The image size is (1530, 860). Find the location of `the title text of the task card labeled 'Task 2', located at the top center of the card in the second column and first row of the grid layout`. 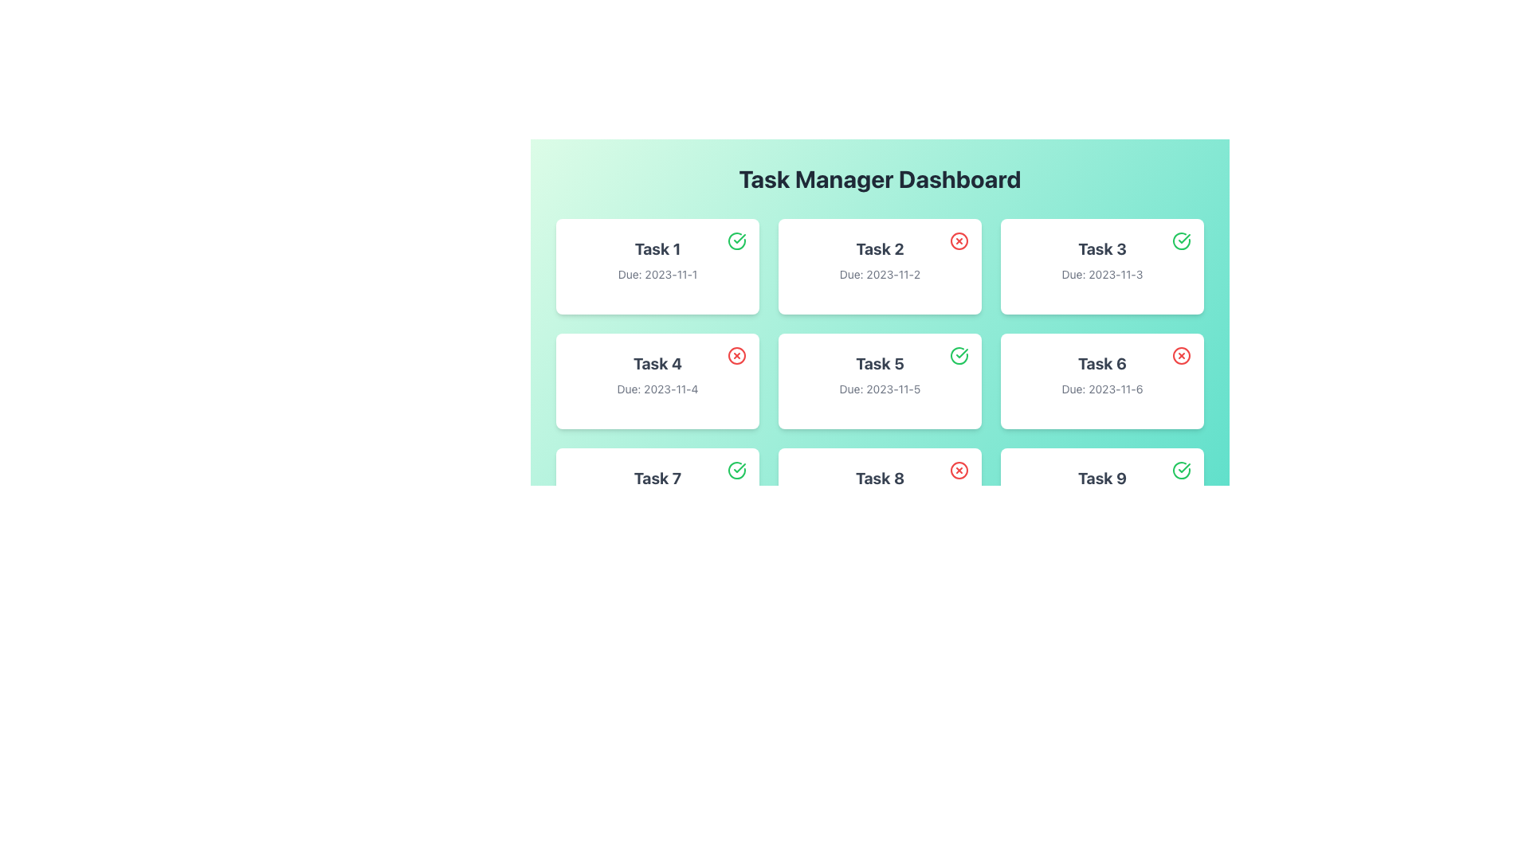

the title text of the task card labeled 'Task 2', located at the top center of the card in the second column and first row of the grid layout is located at coordinates (879, 248).